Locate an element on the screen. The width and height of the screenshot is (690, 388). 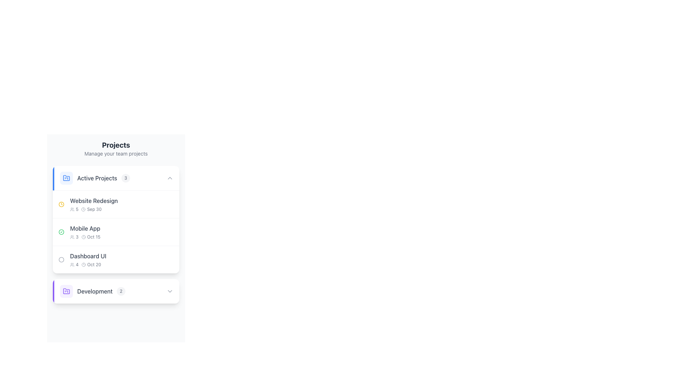
the static informational tag displaying the date indicator located under the 'Mobile App' section, which appears after the number '3' representing participant count is located at coordinates (90, 237).